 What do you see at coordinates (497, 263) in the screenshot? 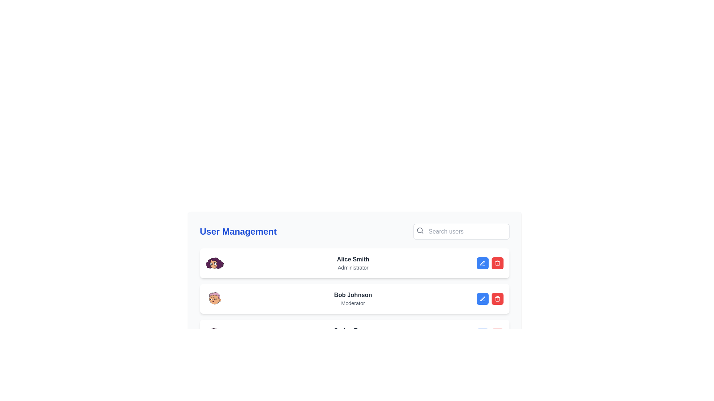
I see `the delete button located to the right of 'Bob Johnson - Moderator' user entry` at bounding box center [497, 263].